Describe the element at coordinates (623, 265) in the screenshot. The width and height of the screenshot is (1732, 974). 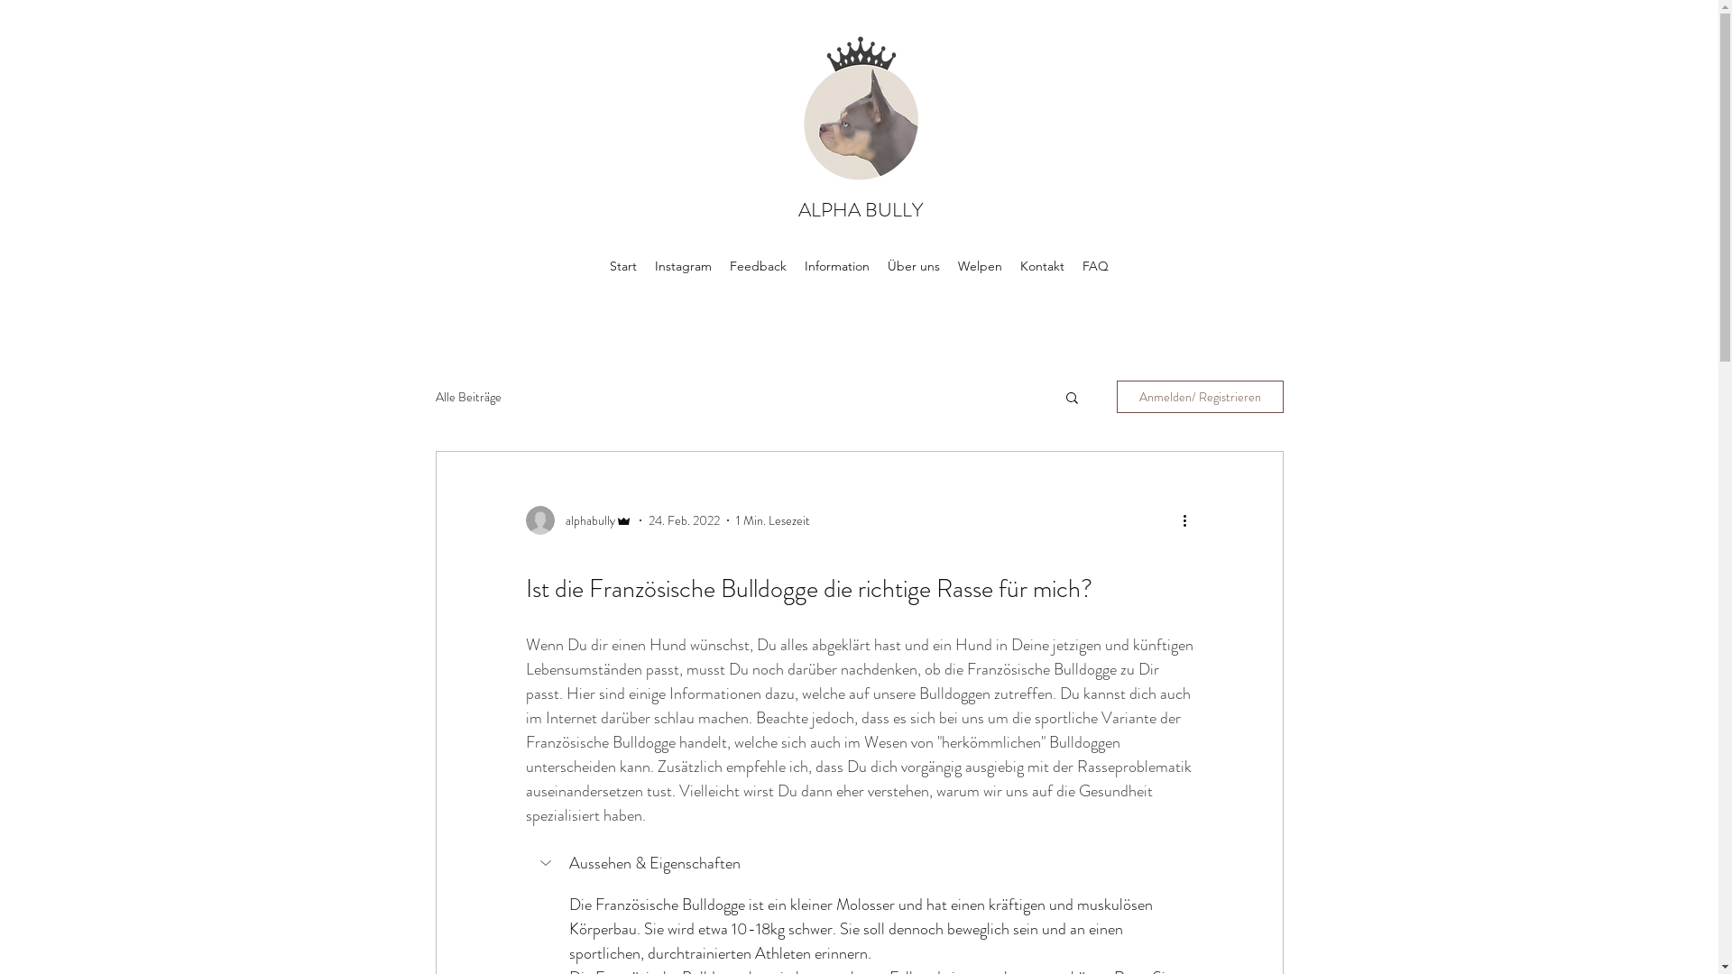
I see `'Start'` at that location.